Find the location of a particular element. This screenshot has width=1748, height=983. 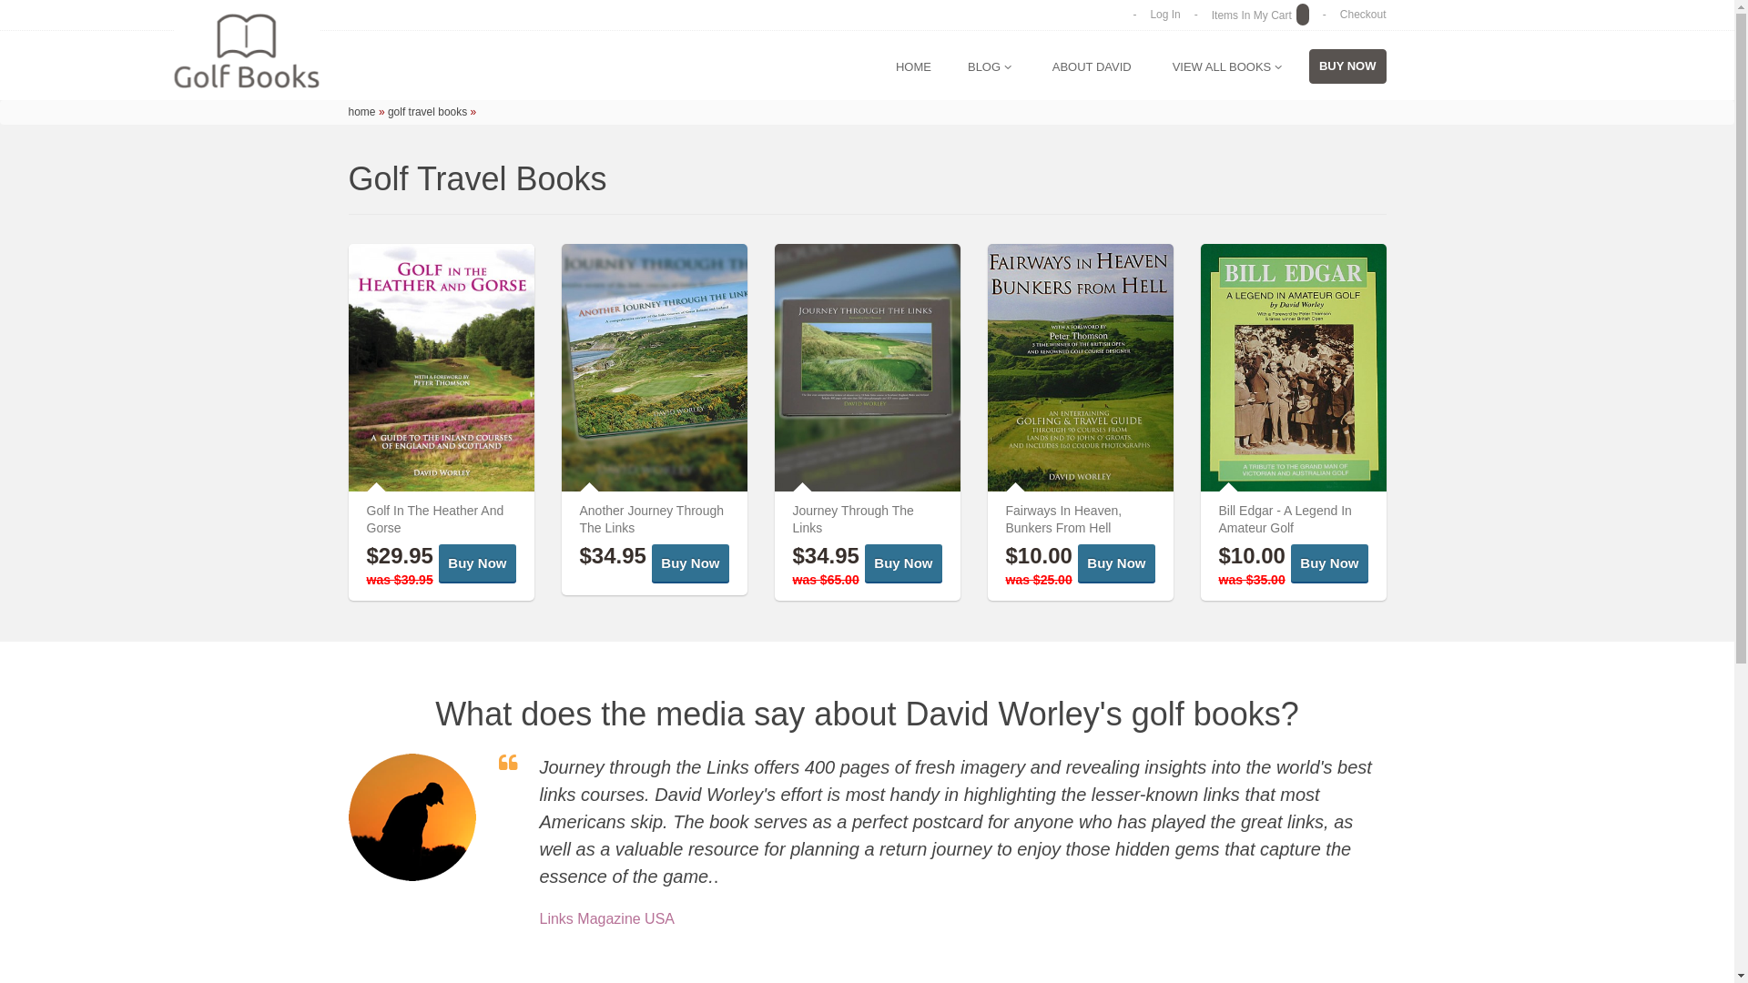

'Log In' is located at coordinates (1148, 14).